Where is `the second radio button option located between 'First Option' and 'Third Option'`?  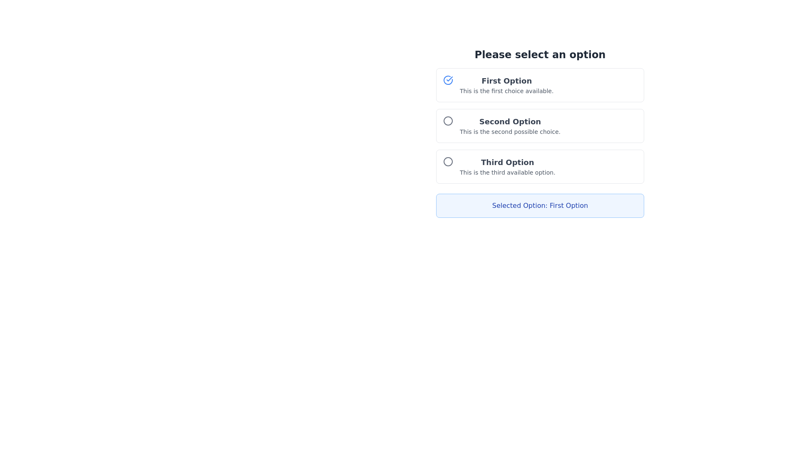 the second radio button option located between 'First Option' and 'Third Option' is located at coordinates (540, 126).